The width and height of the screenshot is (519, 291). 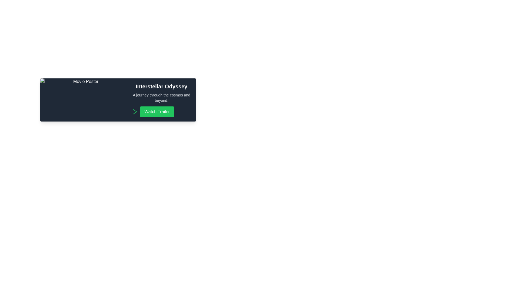 What do you see at coordinates (161, 112) in the screenshot?
I see `the 'Watch Trailer' button, which has a green background and white text` at bounding box center [161, 112].